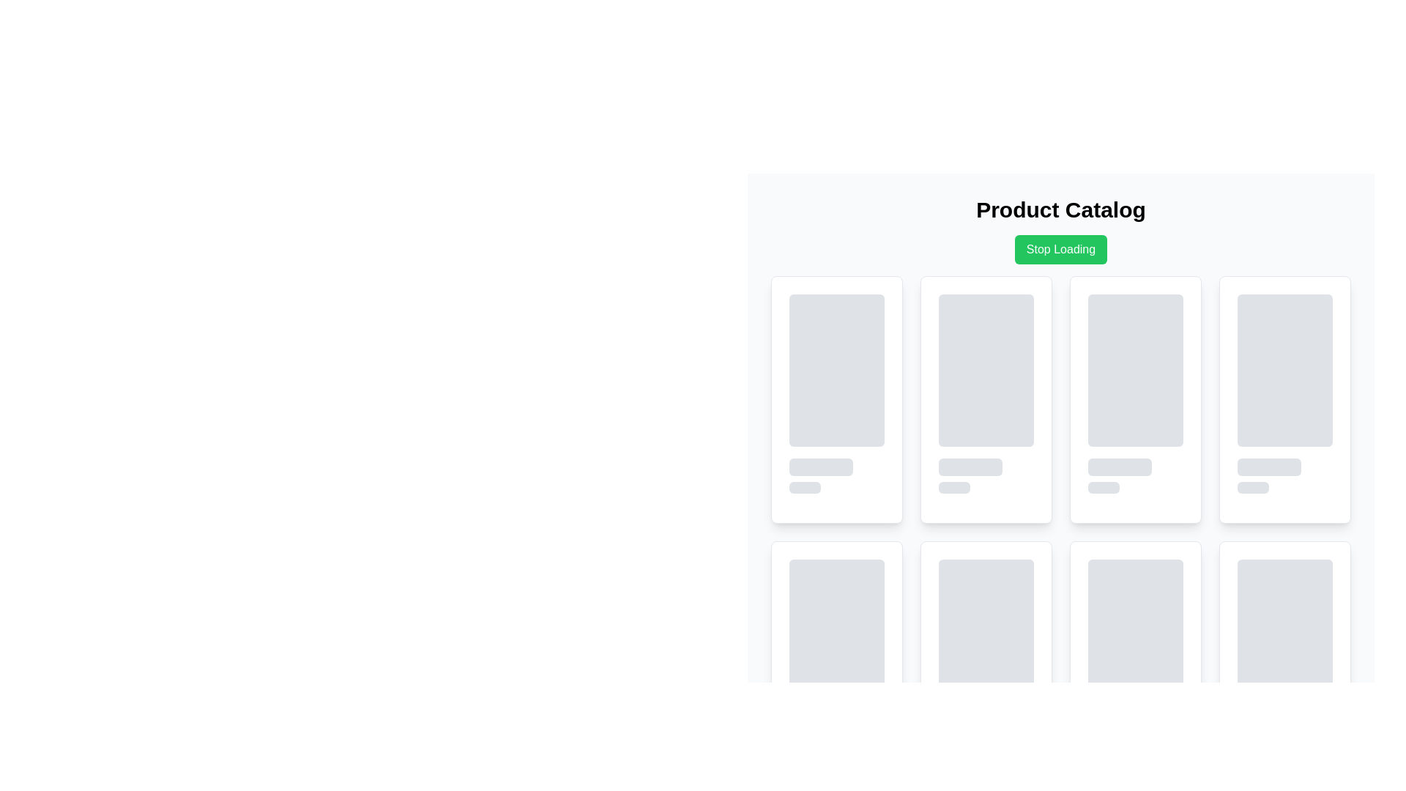  What do you see at coordinates (1284, 393) in the screenshot?
I see `the load animation placeholder component located in the last card of a horizontally arranged grid, which indicates data is being fetched` at bounding box center [1284, 393].